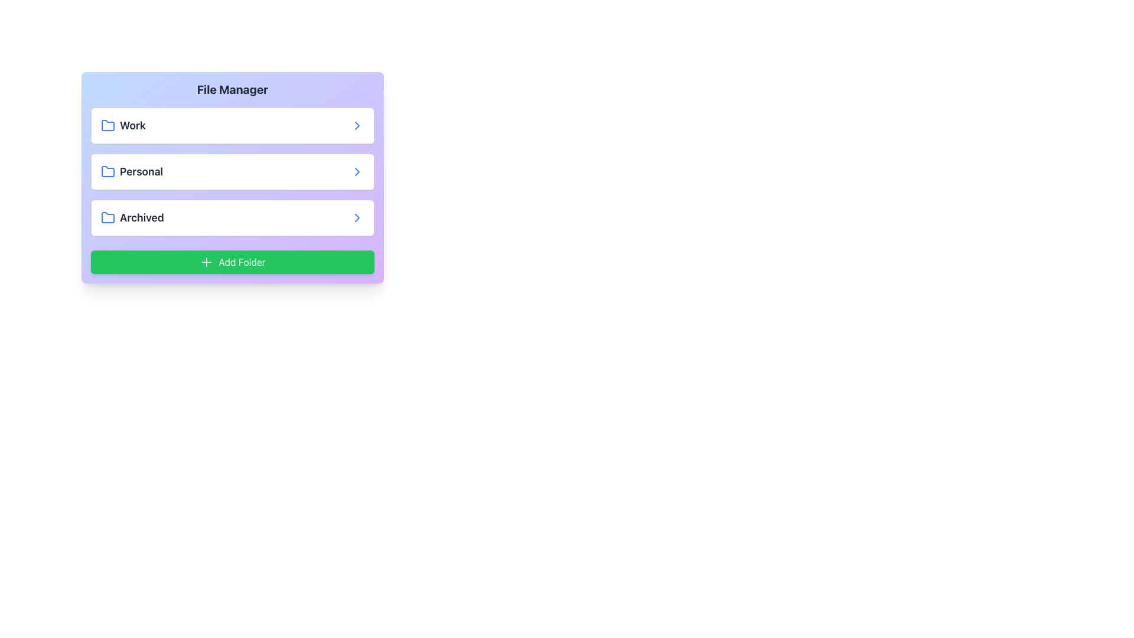 The height and width of the screenshot is (638, 1134). I want to click on the right-pointing chevron icon located at the far-right side of the 'Archived' list item in the 'File Manager' interface, so click(356, 218).